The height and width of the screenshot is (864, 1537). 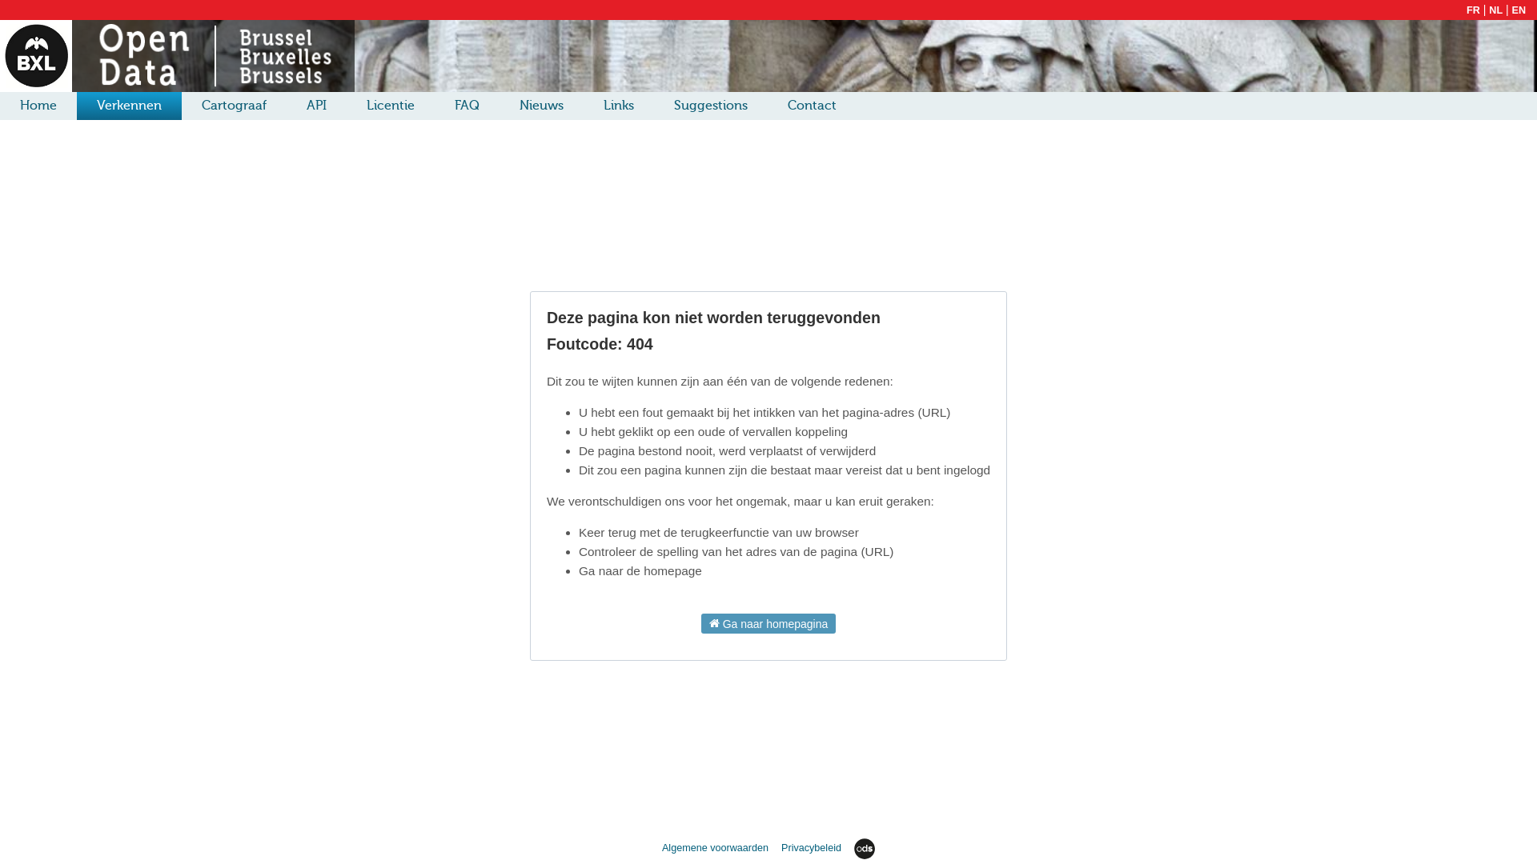 I want to click on 'Algemene voorwaarden', so click(x=716, y=847).